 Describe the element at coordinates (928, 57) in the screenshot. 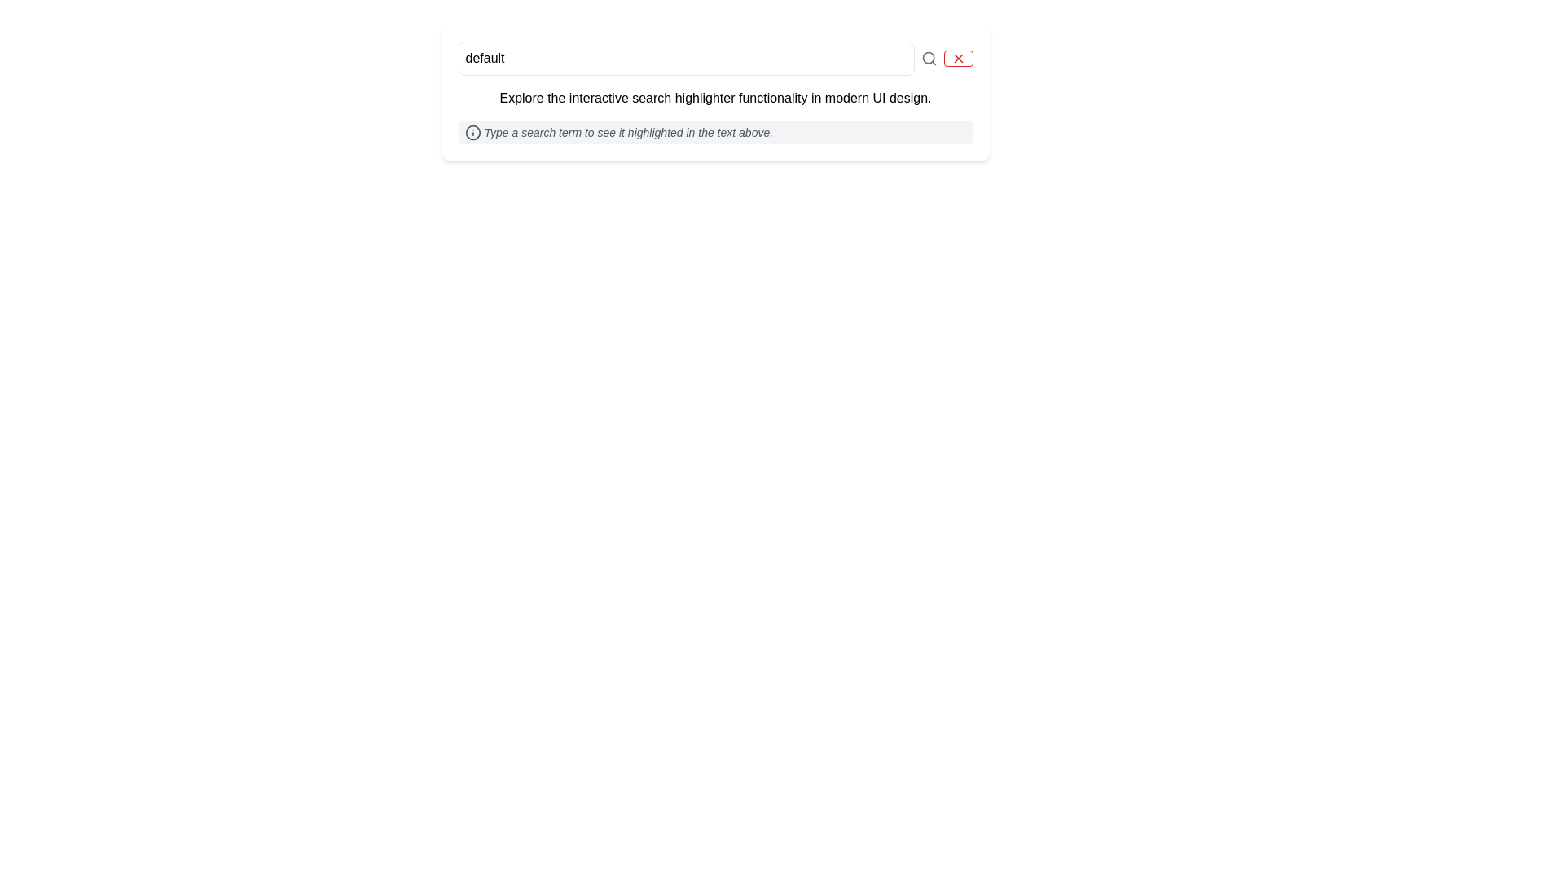

I see `the circular shape of the search icon, which represents the lens of the search functionality located on the right-hand side of the search bar component` at that location.